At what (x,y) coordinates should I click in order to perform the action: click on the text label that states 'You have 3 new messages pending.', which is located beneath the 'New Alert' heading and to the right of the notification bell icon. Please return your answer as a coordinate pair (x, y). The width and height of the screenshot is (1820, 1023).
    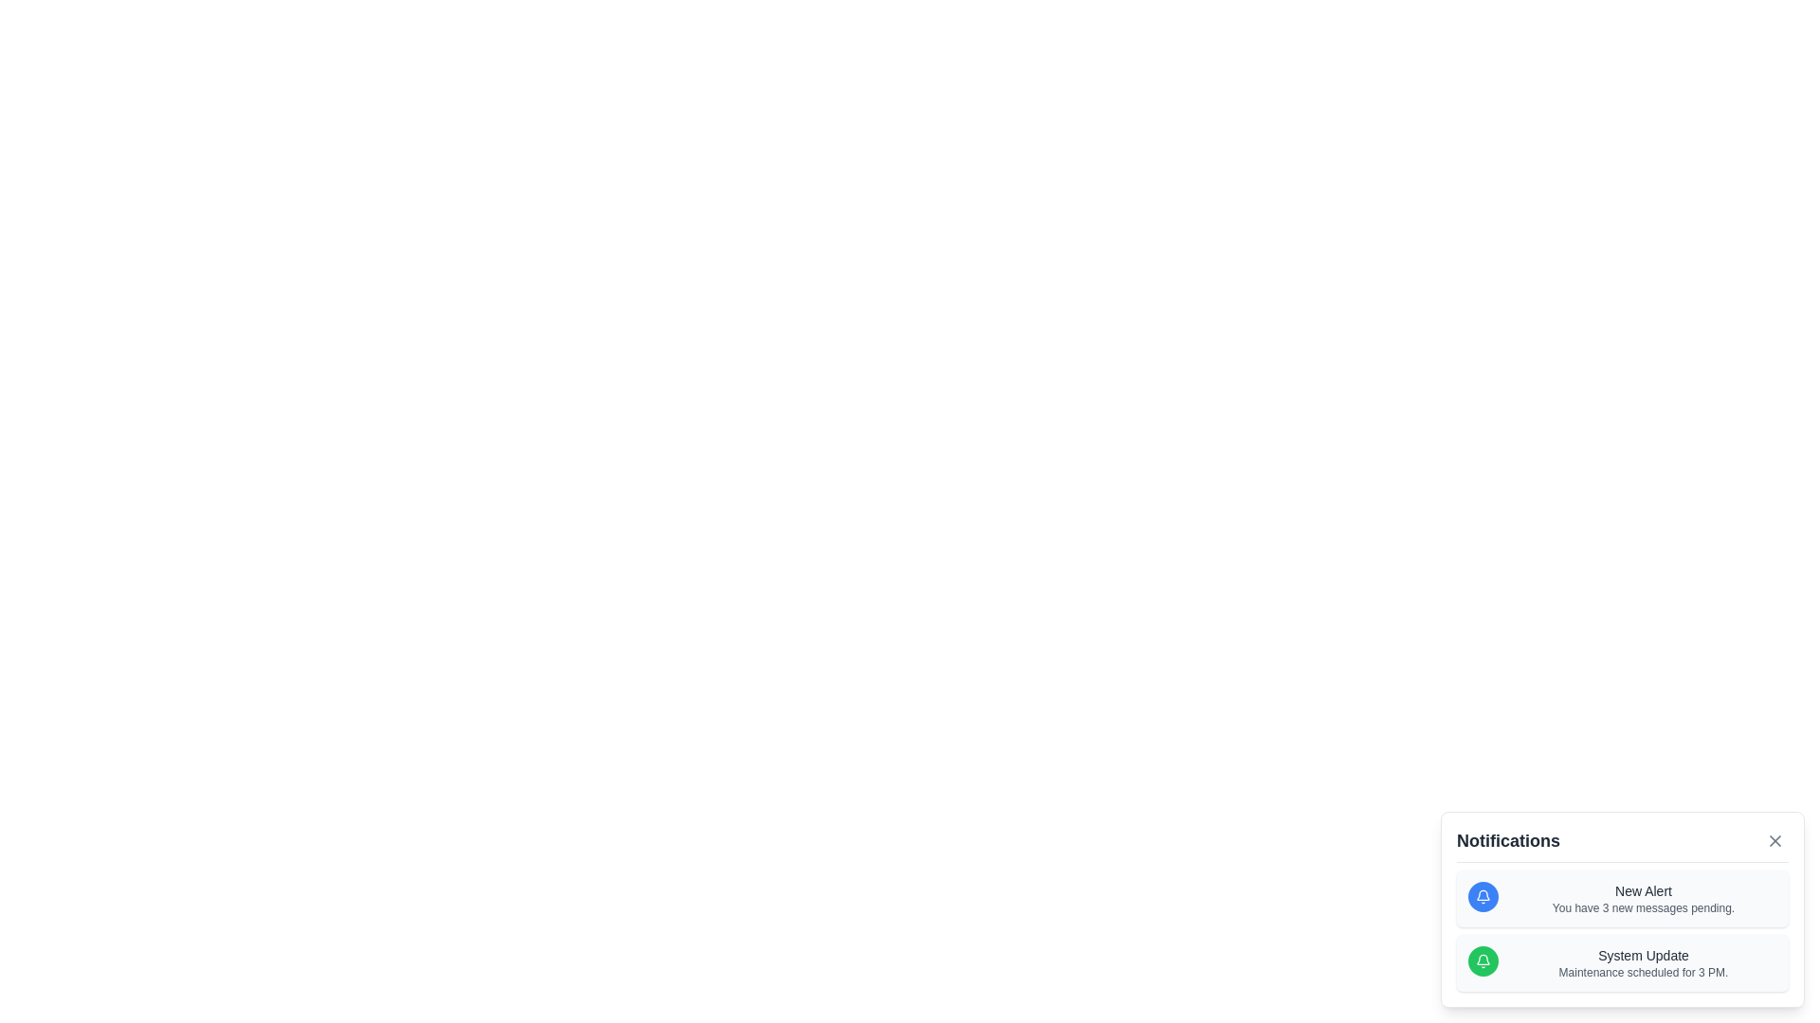
    Looking at the image, I should click on (1642, 907).